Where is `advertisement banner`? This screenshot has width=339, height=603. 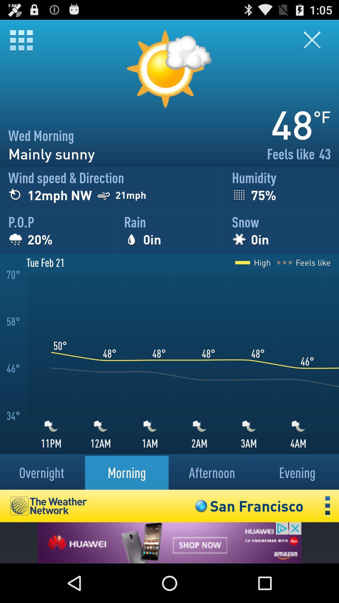
advertisement banner is located at coordinates (169, 542).